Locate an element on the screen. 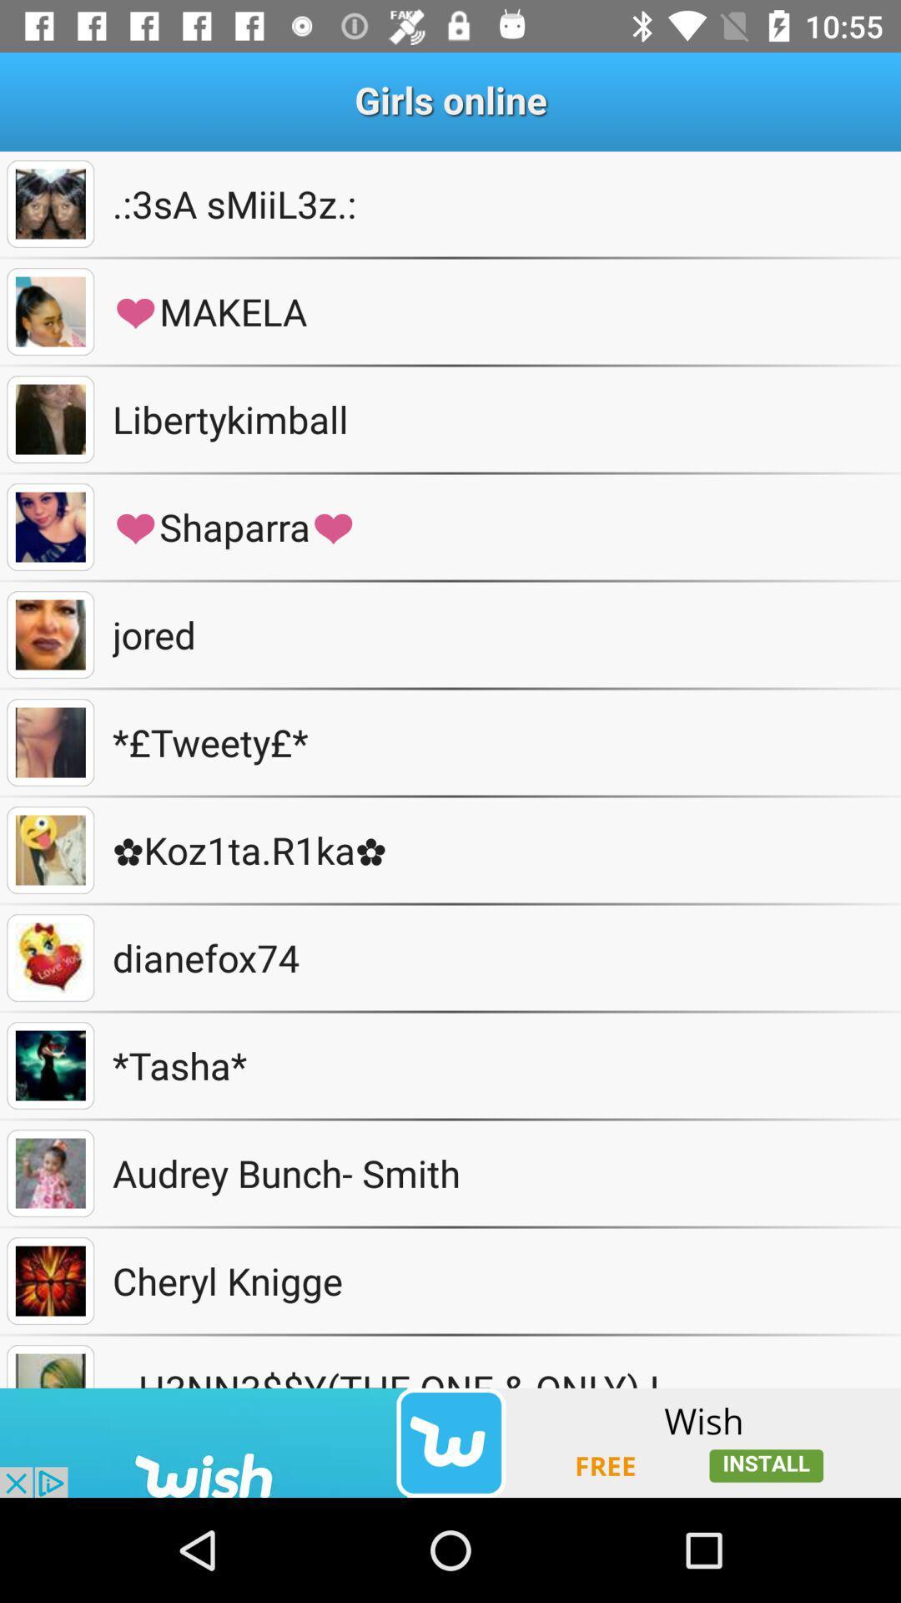 The width and height of the screenshot is (901, 1603). user profile is located at coordinates (49, 526).